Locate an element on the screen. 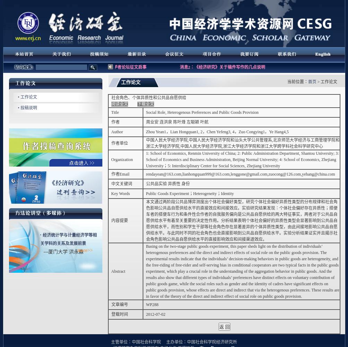 The image size is (348, 347). 'Abstract' is located at coordinates (118, 271).